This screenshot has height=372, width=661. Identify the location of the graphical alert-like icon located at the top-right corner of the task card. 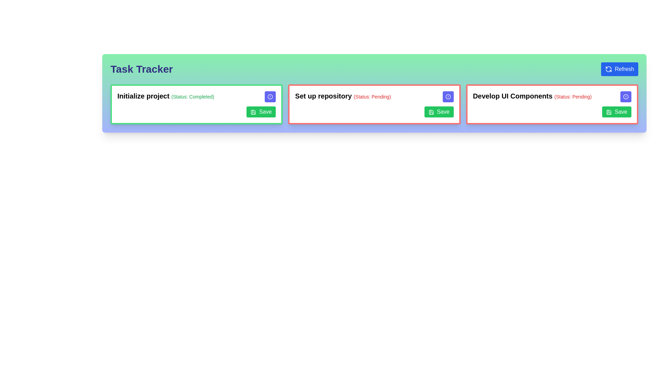
(626, 97).